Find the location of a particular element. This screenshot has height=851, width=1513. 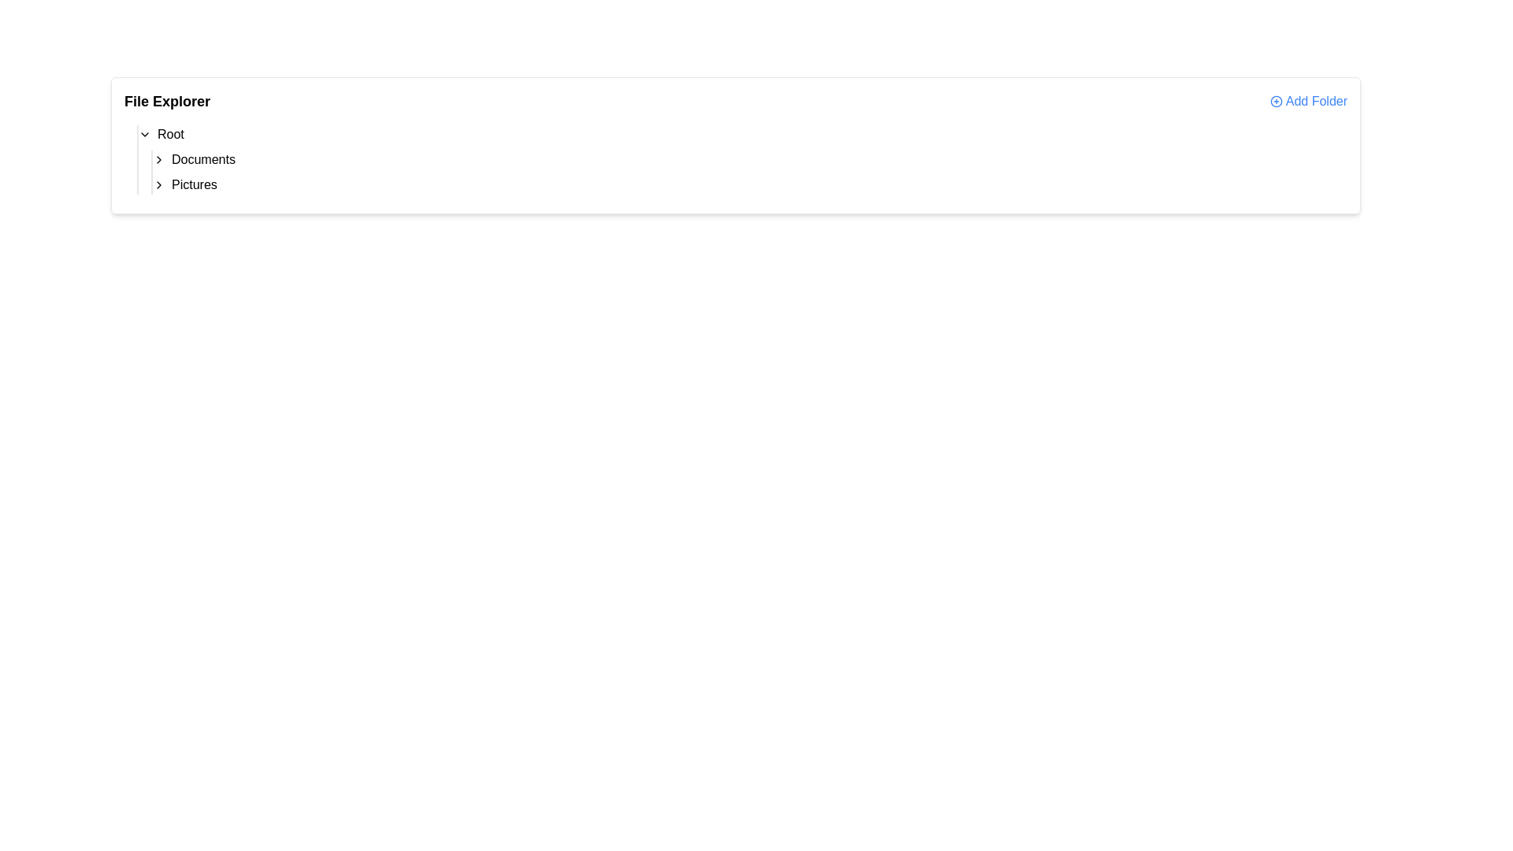

the SVG Circle element, which is a circular shape outlined as part of the SVG graphic titled 'lucide-circle-plus' and is centered at the specified coordinates is located at coordinates (1276, 101).